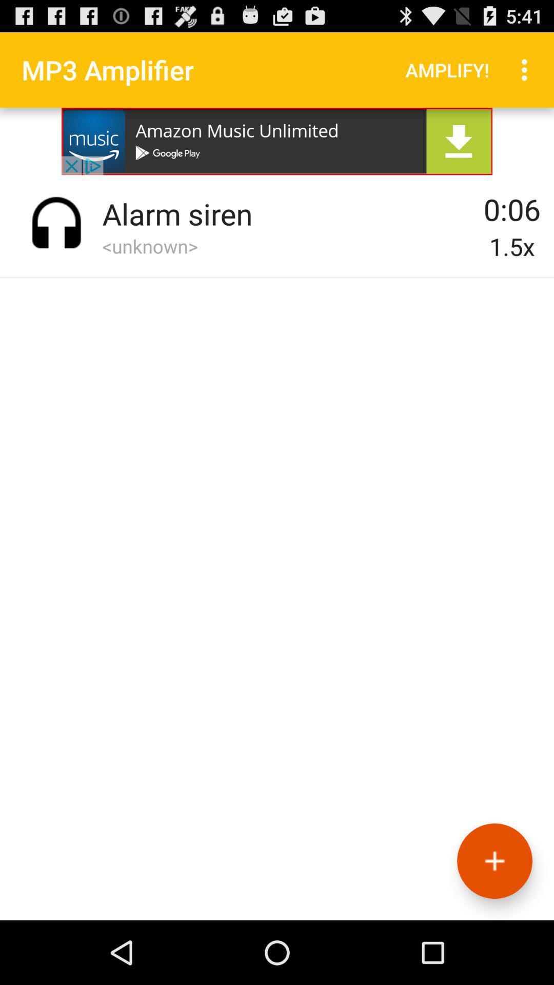 This screenshot has height=985, width=554. I want to click on button, so click(494, 861).